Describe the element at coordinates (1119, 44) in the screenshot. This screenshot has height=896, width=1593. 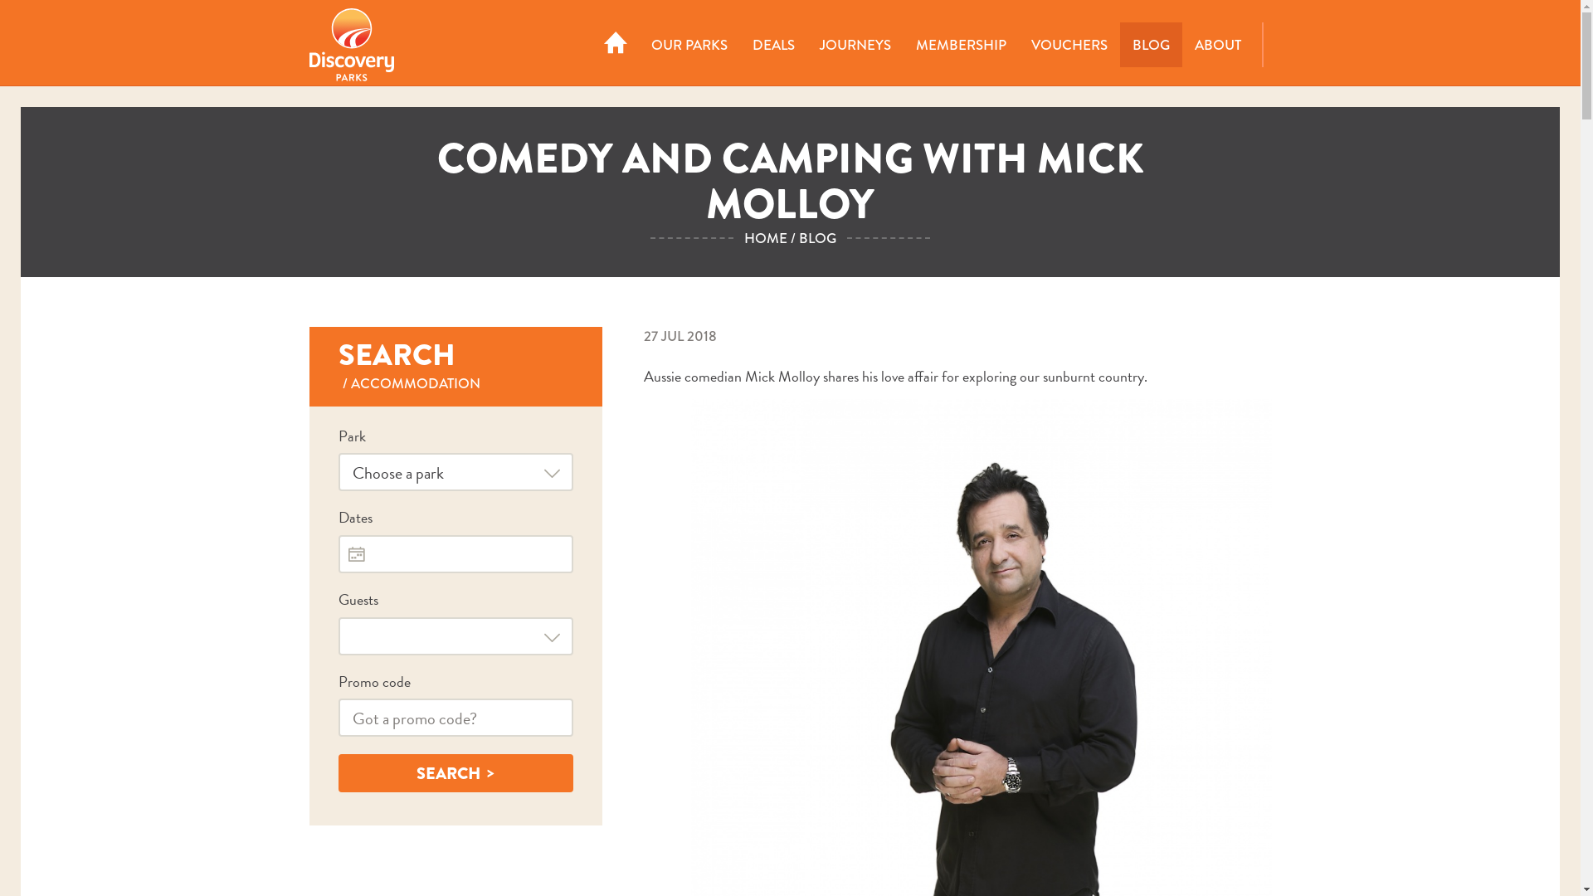
I see `'BLOG'` at that location.